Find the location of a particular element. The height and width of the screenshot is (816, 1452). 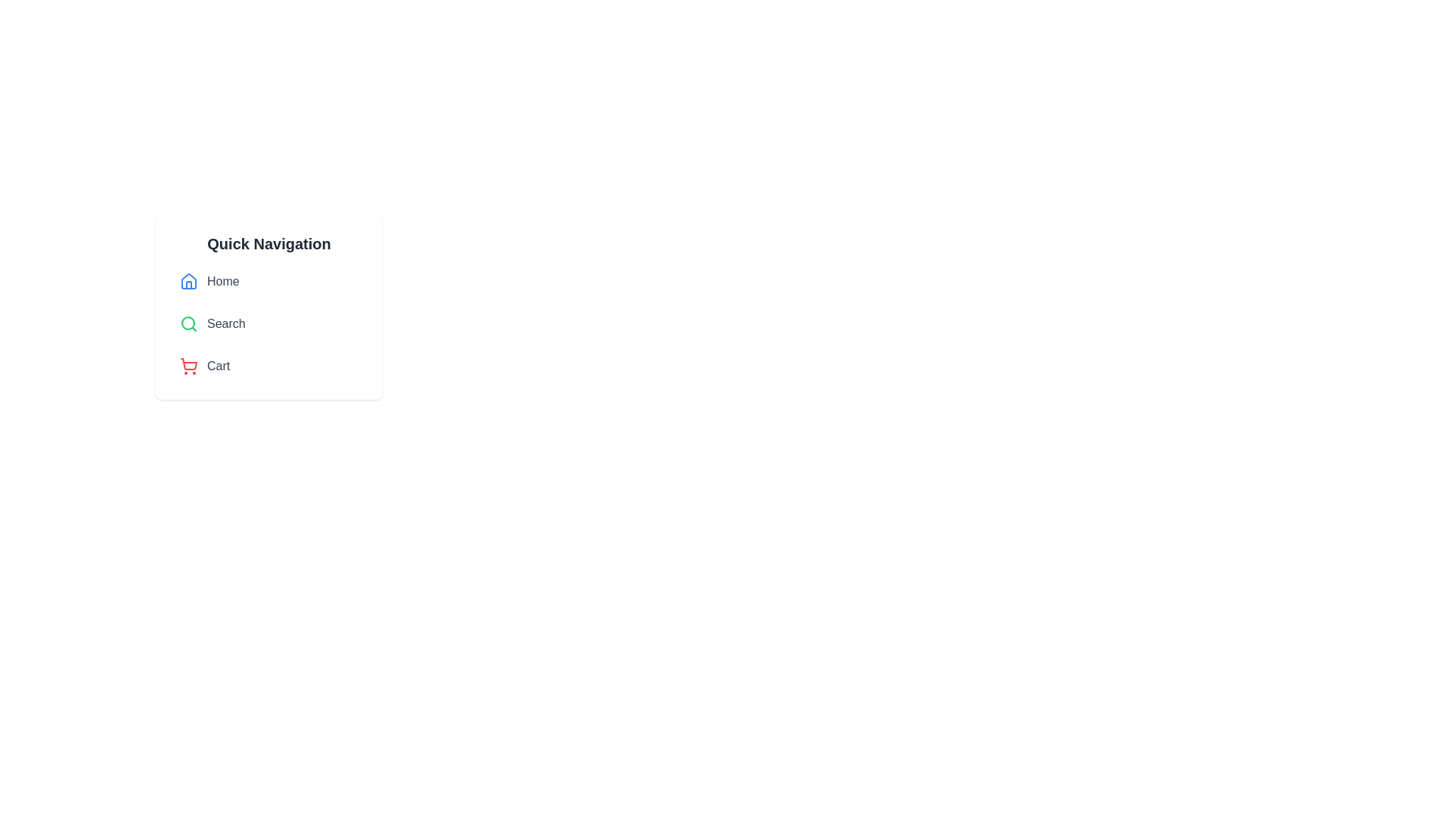

the 'Quick Navigation' text label, which is a bold title located at the top of the vertical navigation box above links like 'Home', 'Search', and 'Cart' is located at coordinates (268, 243).